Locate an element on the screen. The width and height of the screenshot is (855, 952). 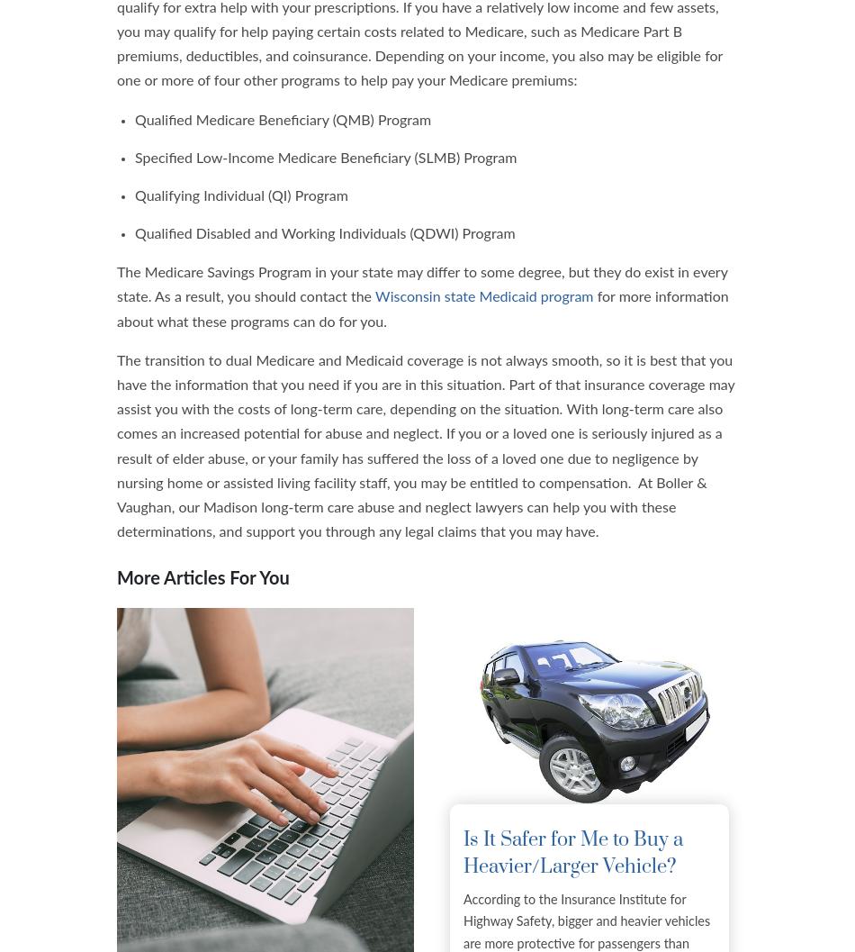
'The transition to dual Medicare and Medicaid coverage is not always smooth, so it is best that you have the information that you need if you are in this situation. Part of that insurance coverage may assist you with the costs of long-term care, depending on the situation. With long-term care also comes an increased potential for abuse and neglect. If you or a loved one is seriously injured as a result of elder abuse, or your family has suffered the loss of a loved one due to negligence by nursing home or assisted living facility staff, you may be entitled to compensation.  At Boller & Vaughan, our Madison long-term care abuse and neglect lawyers can help you with these determinations, and support you through any legal claims that you may have.' is located at coordinates (425, 446).